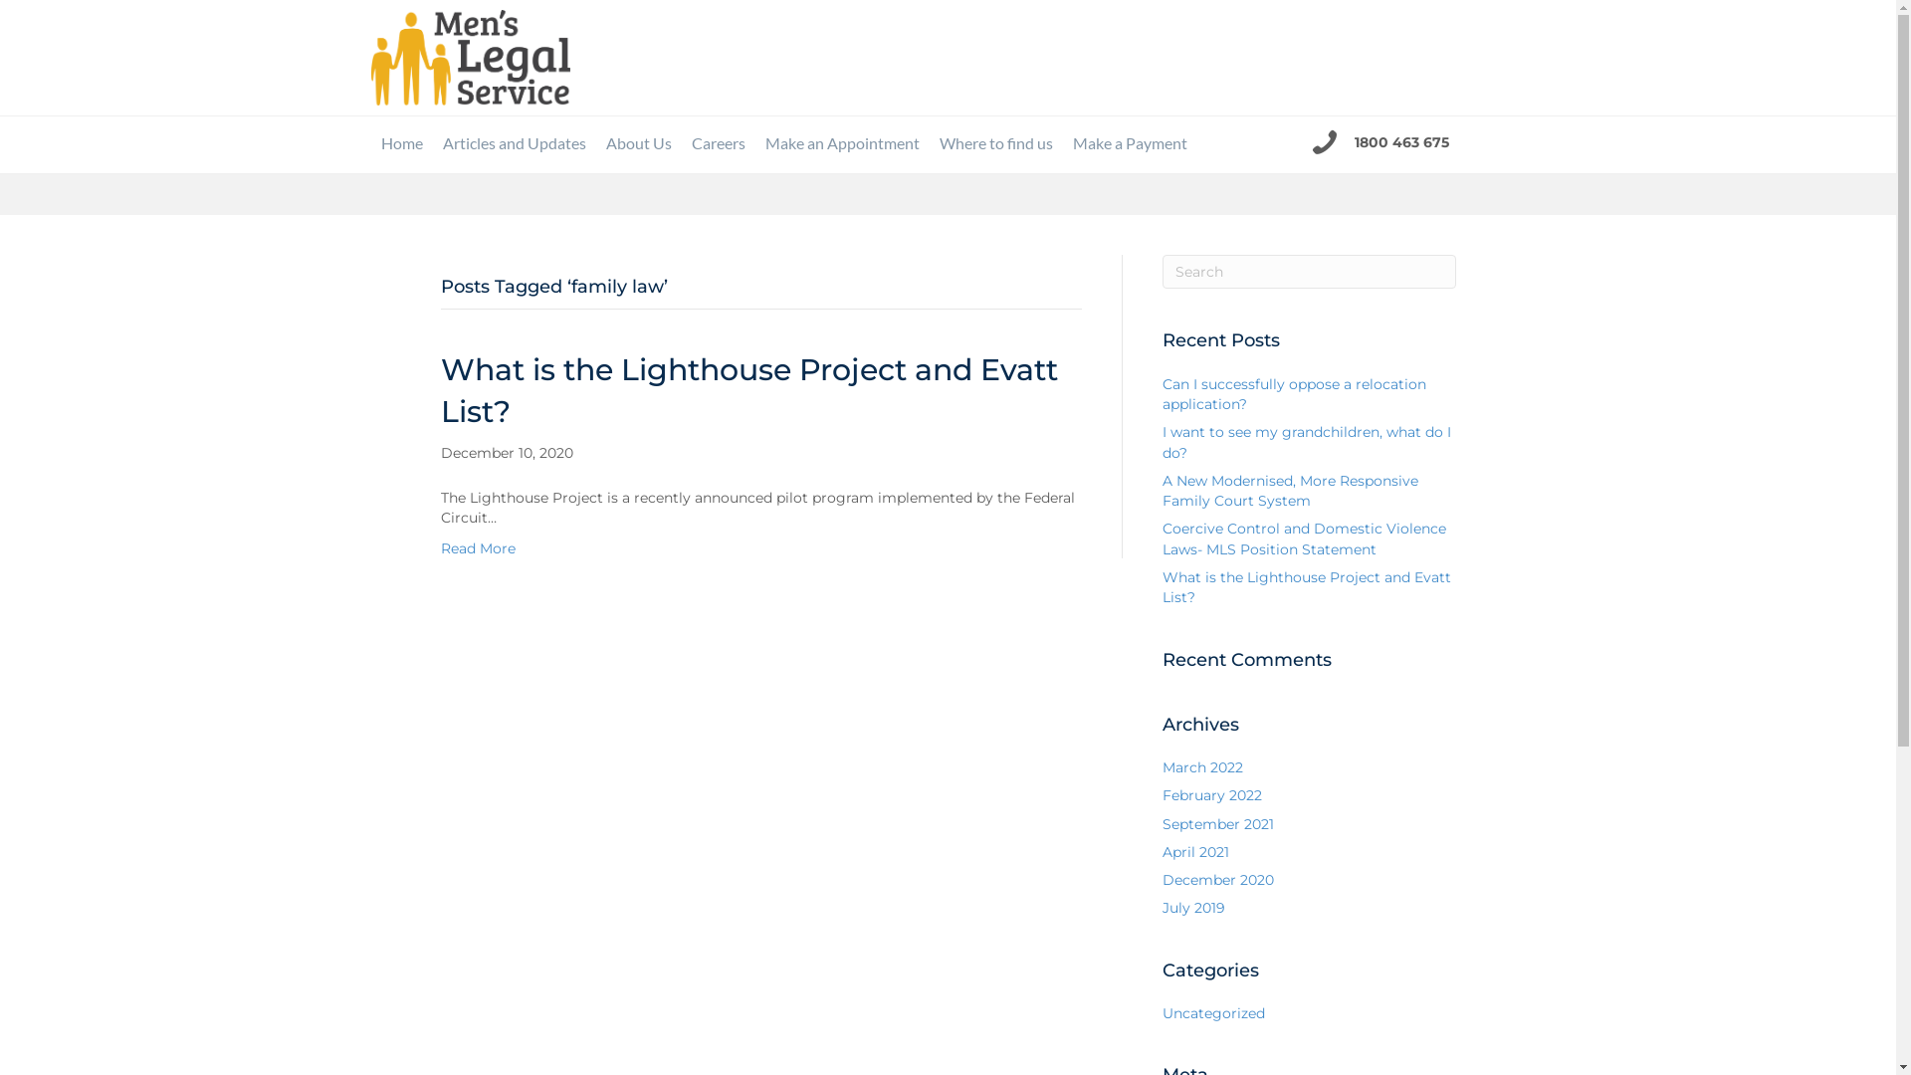 This screenshot has width=1911, height=1075. What do you see at coordinates (513, 141) in the screenshot?
I see `'Articles and Updates'` at bounding box center [513, 141].